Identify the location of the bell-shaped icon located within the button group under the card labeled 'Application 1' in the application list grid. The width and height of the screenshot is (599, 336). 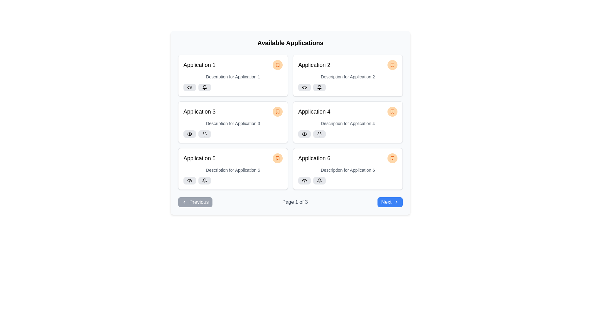
(205, 87).